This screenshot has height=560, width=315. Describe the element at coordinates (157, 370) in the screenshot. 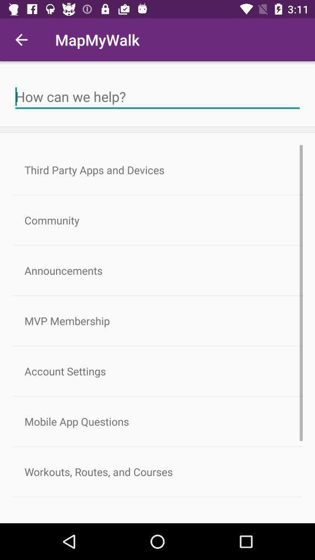

I see `account settings icon` at that location.